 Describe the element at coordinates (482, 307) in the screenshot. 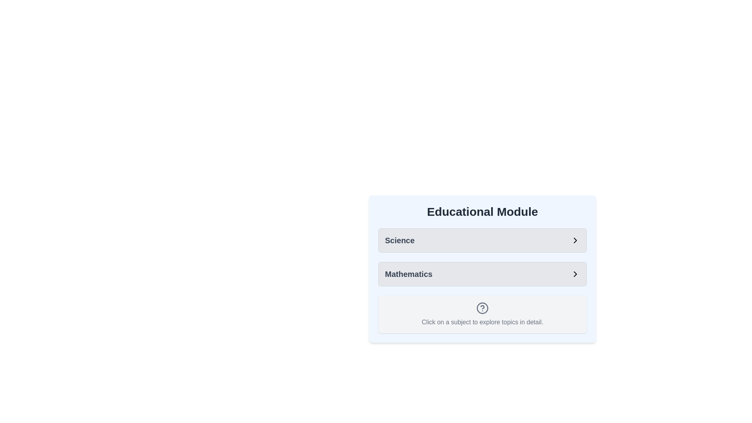

I see `the help icon located at the center of the notification box below the 'Mathematics' button` at that location.